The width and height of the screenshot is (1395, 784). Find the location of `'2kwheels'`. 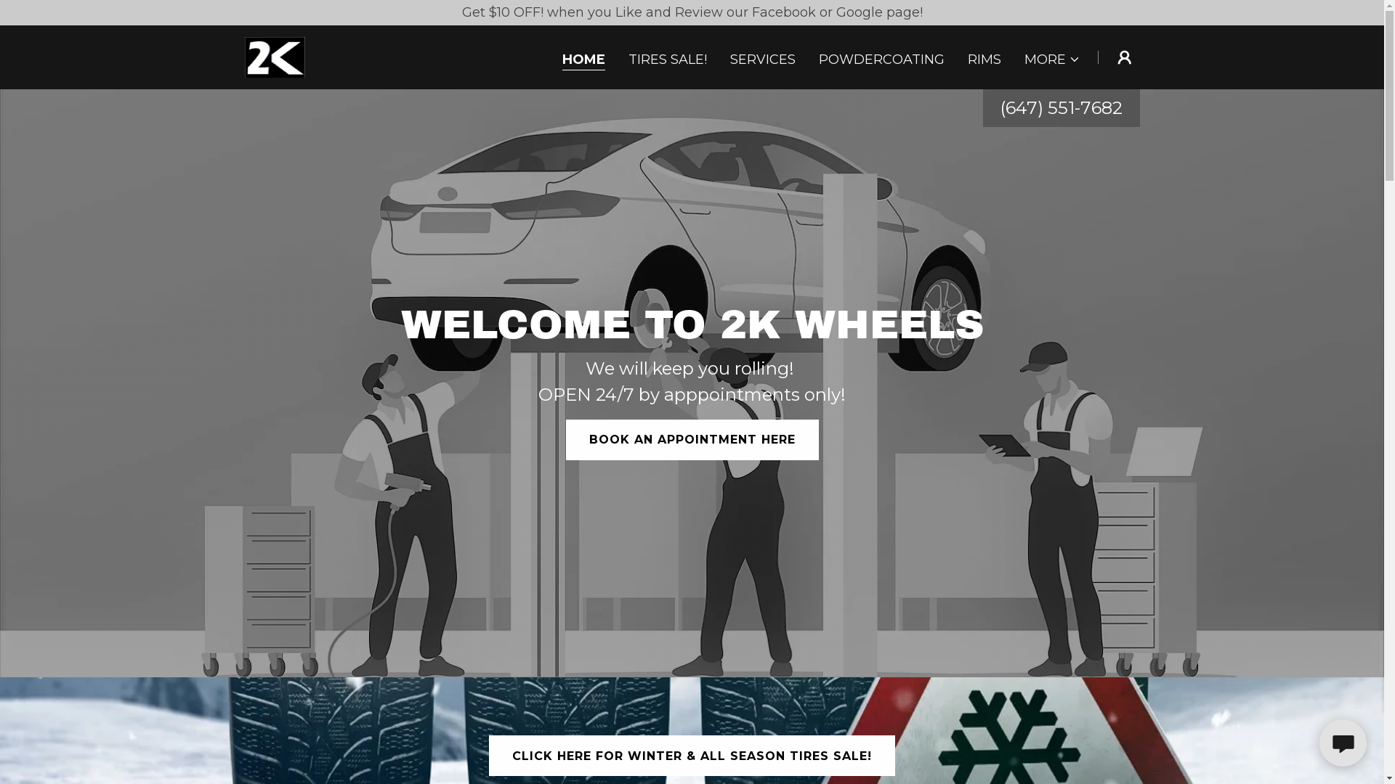

'2kwheels' is located at coordinates (275, 55).